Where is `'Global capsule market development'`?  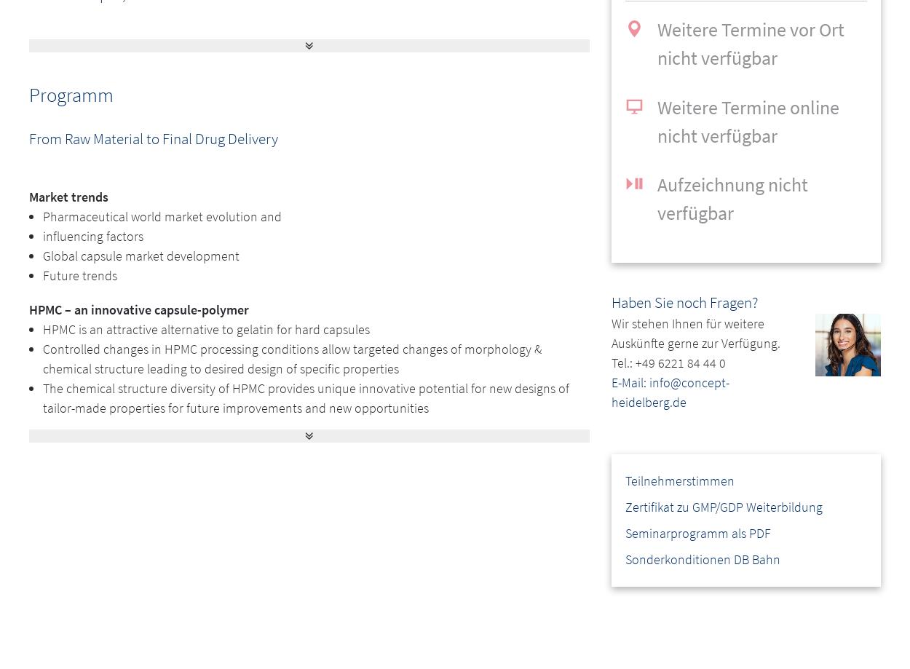 'Global capsule market development' is located at coordinates (141, 255).